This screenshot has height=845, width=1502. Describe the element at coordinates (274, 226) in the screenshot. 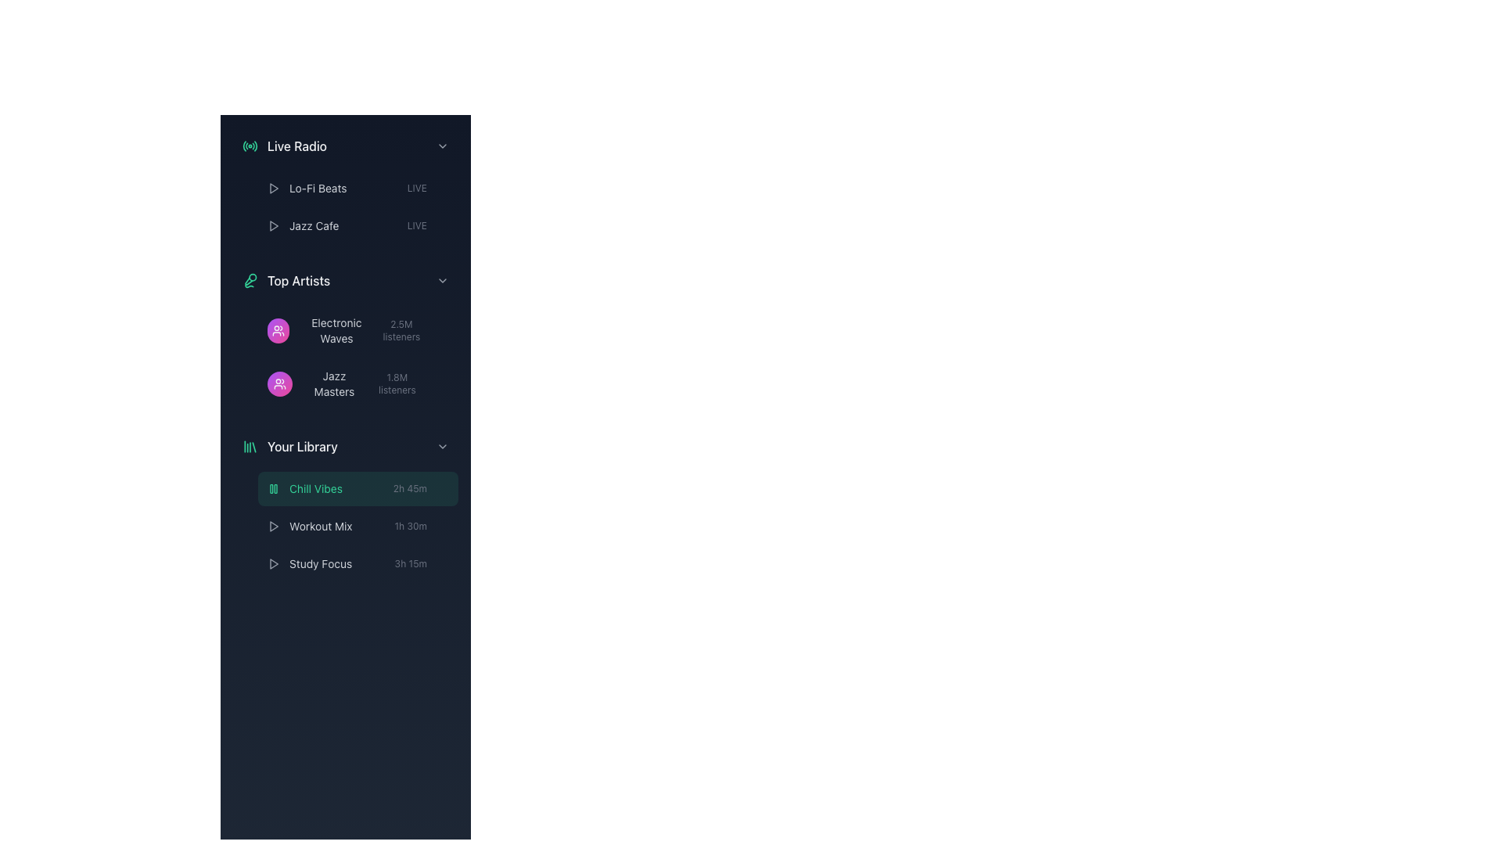

I see `the play button located under the 'Jazz Cafe' text in the 'Live Radio' section` at that location.